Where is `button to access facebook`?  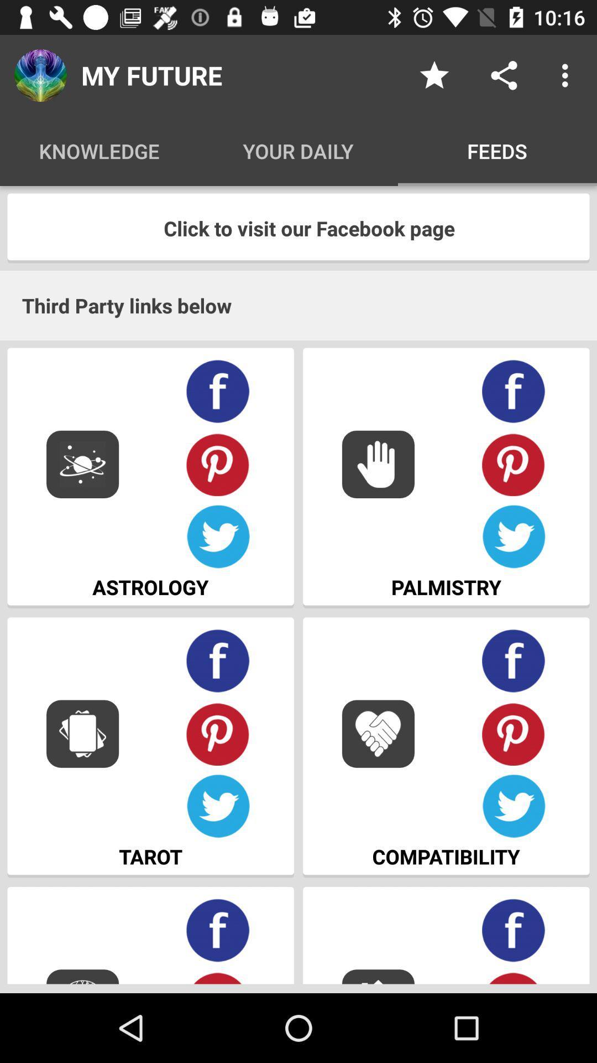 button to access facebook is located at coordinates (514, 661).